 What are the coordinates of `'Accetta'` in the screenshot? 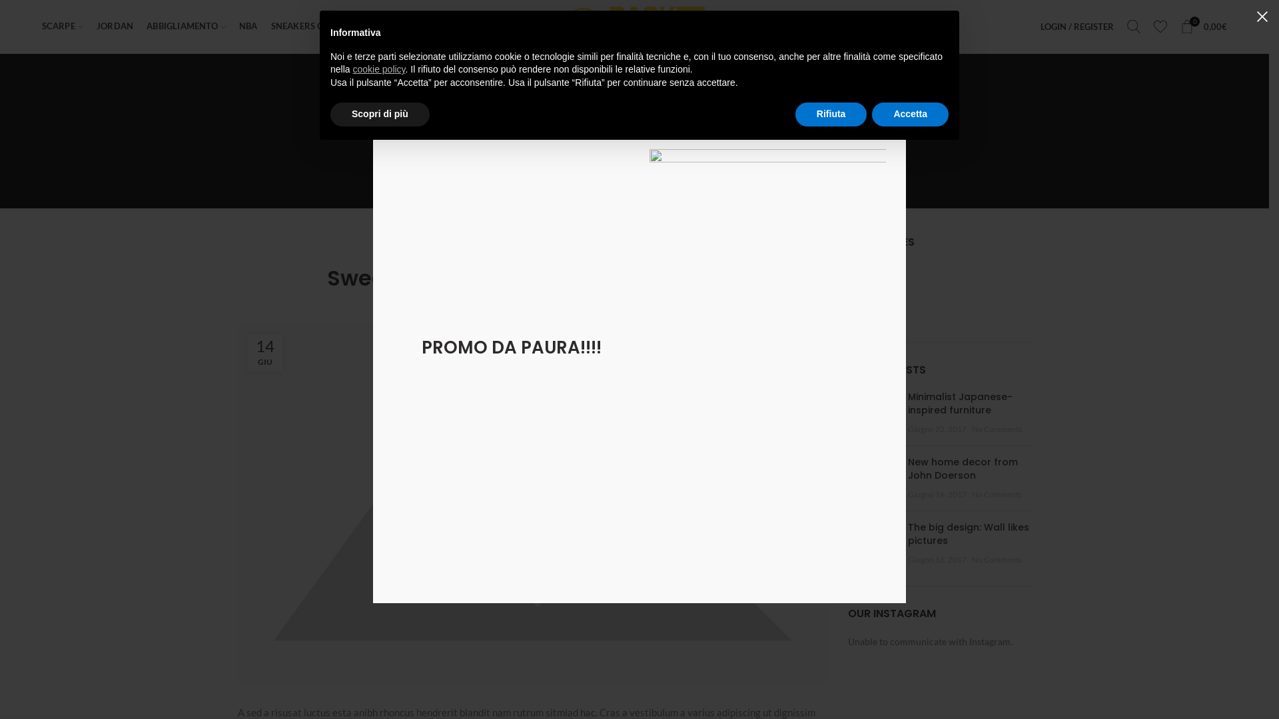 It's located at (909, 114).